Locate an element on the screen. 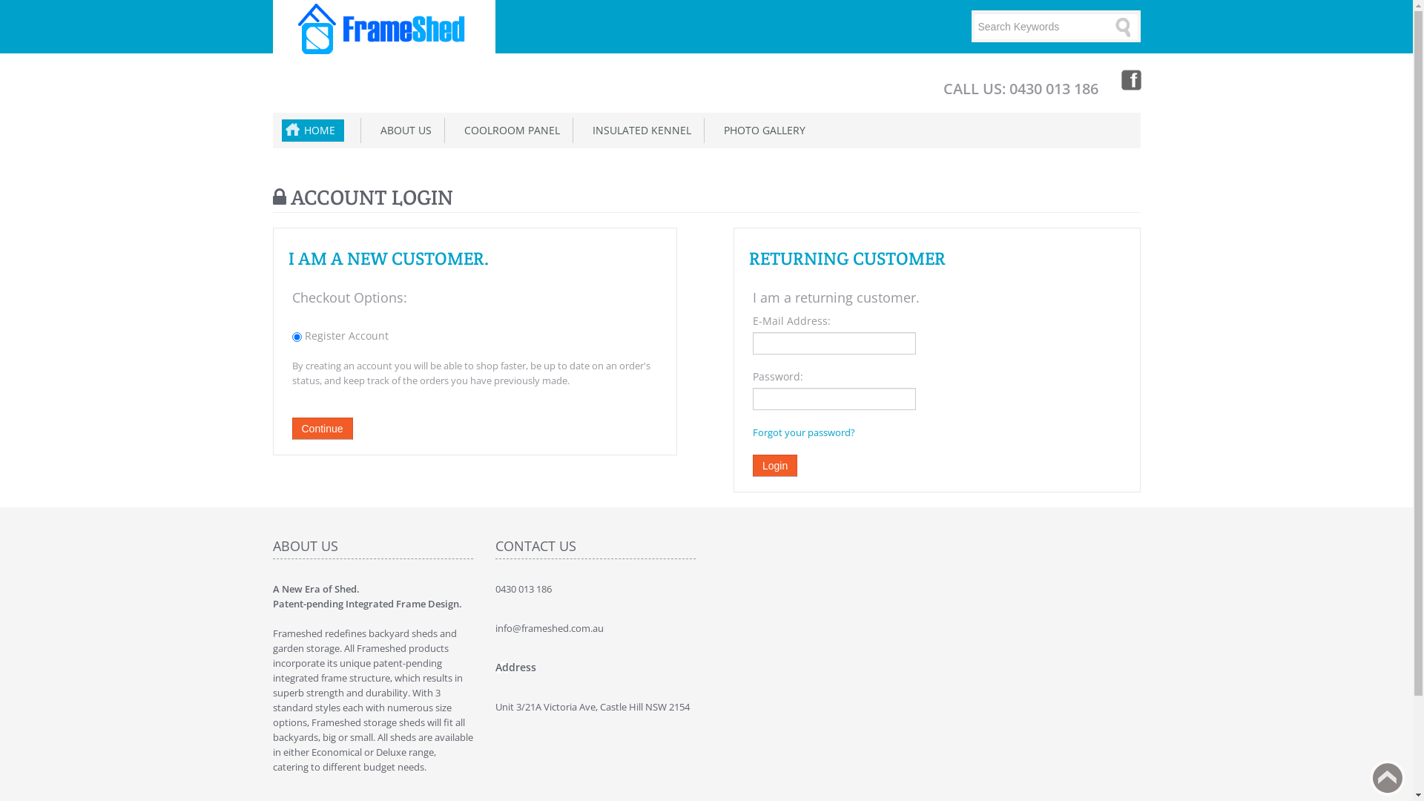  'Forgot your password?' is located at coordinates (803, 432).